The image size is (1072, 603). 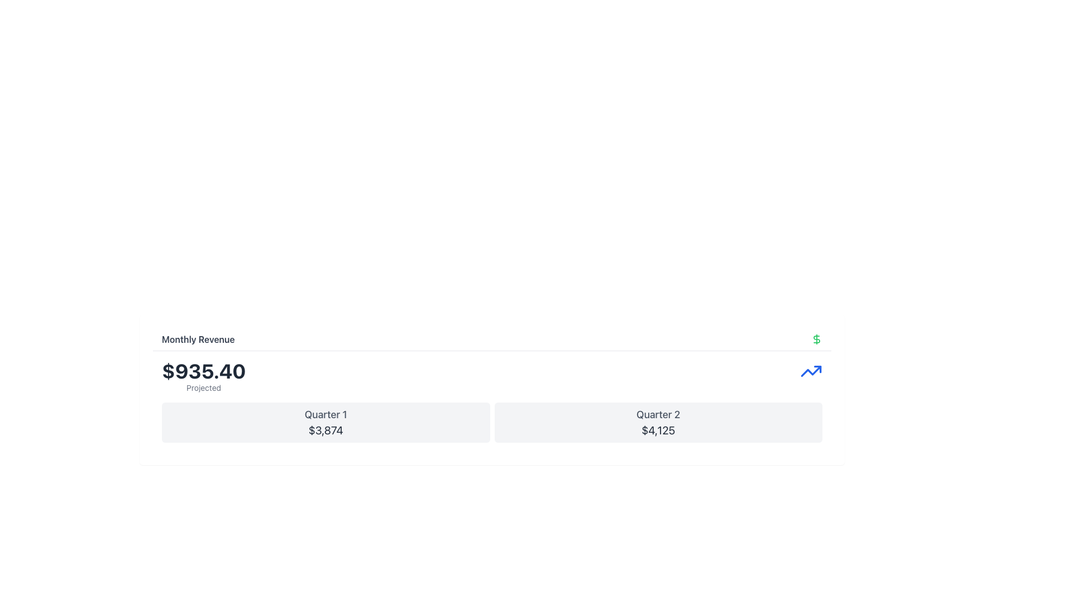 What do you see at coordinates (325, 415) in the screenshot?
I see `the Text Display element which indicates the specific period or category associated with the data in the card, positioned at the top-center of the card` at bounding box center [325, 415].